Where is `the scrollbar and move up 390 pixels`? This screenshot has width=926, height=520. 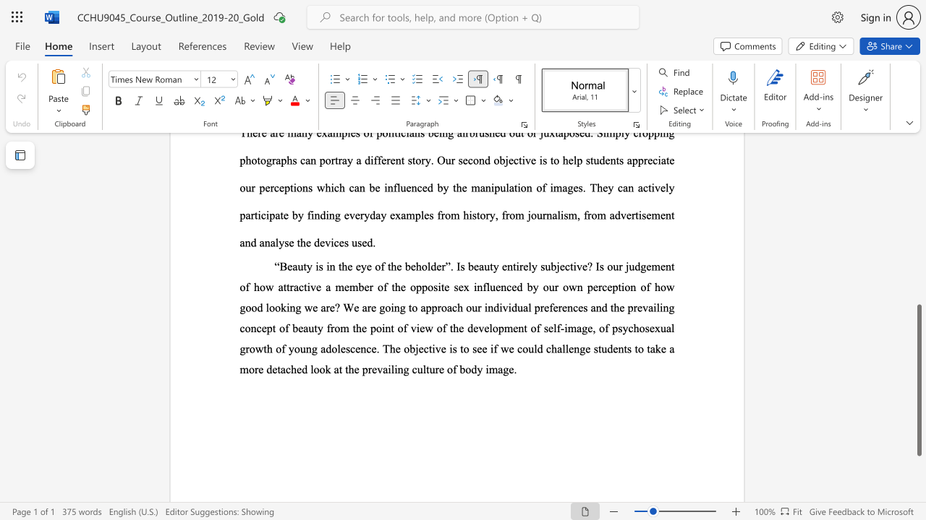 the scrollbar and move up 390 pixels is located at coordinates (918, 379).